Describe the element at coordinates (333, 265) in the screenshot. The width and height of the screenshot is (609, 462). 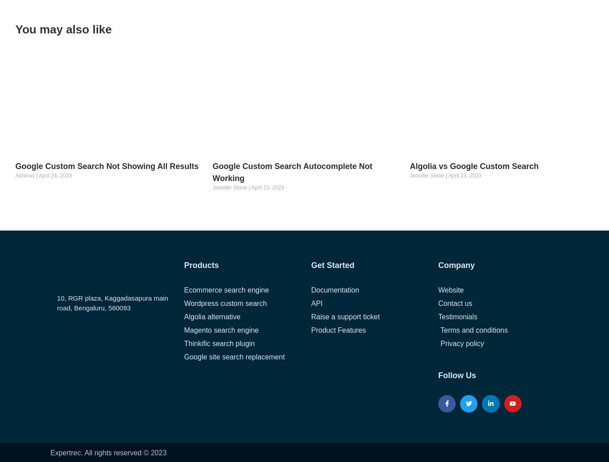
I see `'Get Started'` at that location.